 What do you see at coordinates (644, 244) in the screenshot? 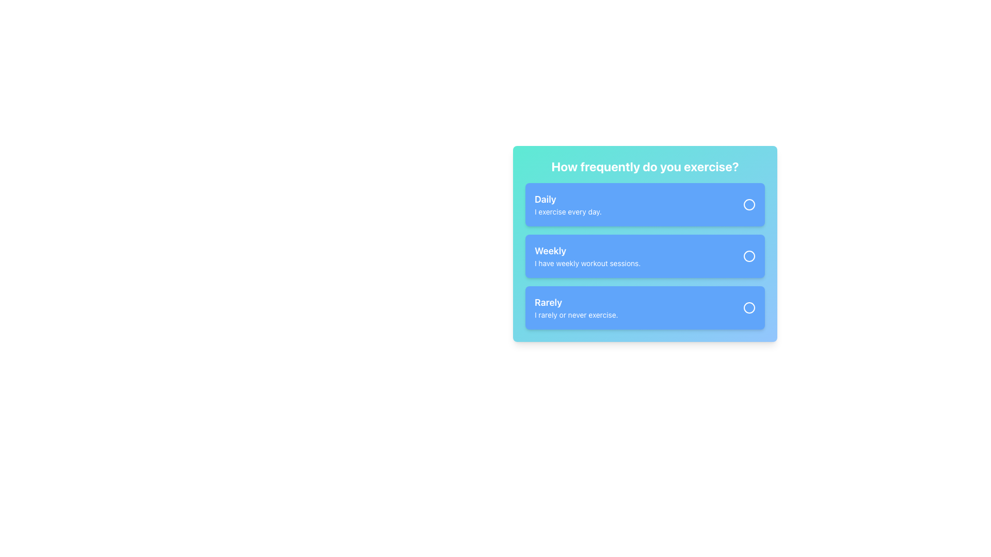
I see `the second option within the Interactive Survey Card that features a gradient background from teal to blue and rounded corners, for accessibility navigation` at bounding box center [644, 244].